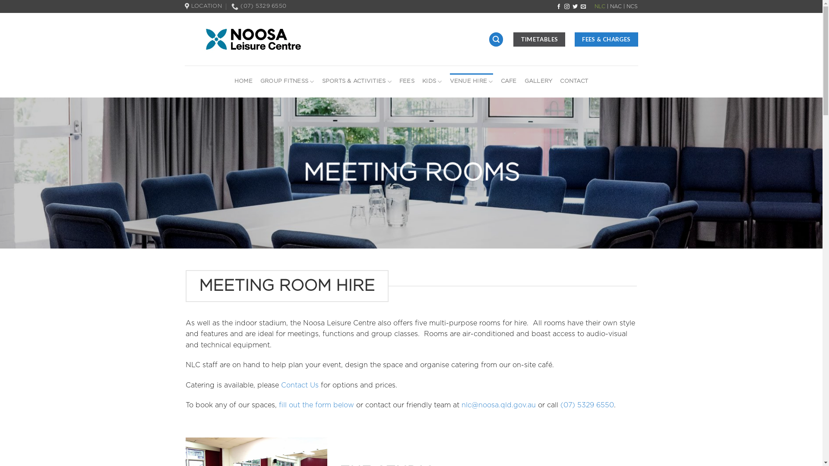 This screenshot has width=829, height=466. I want to click on 'fill out the form below', so click(316, 405).